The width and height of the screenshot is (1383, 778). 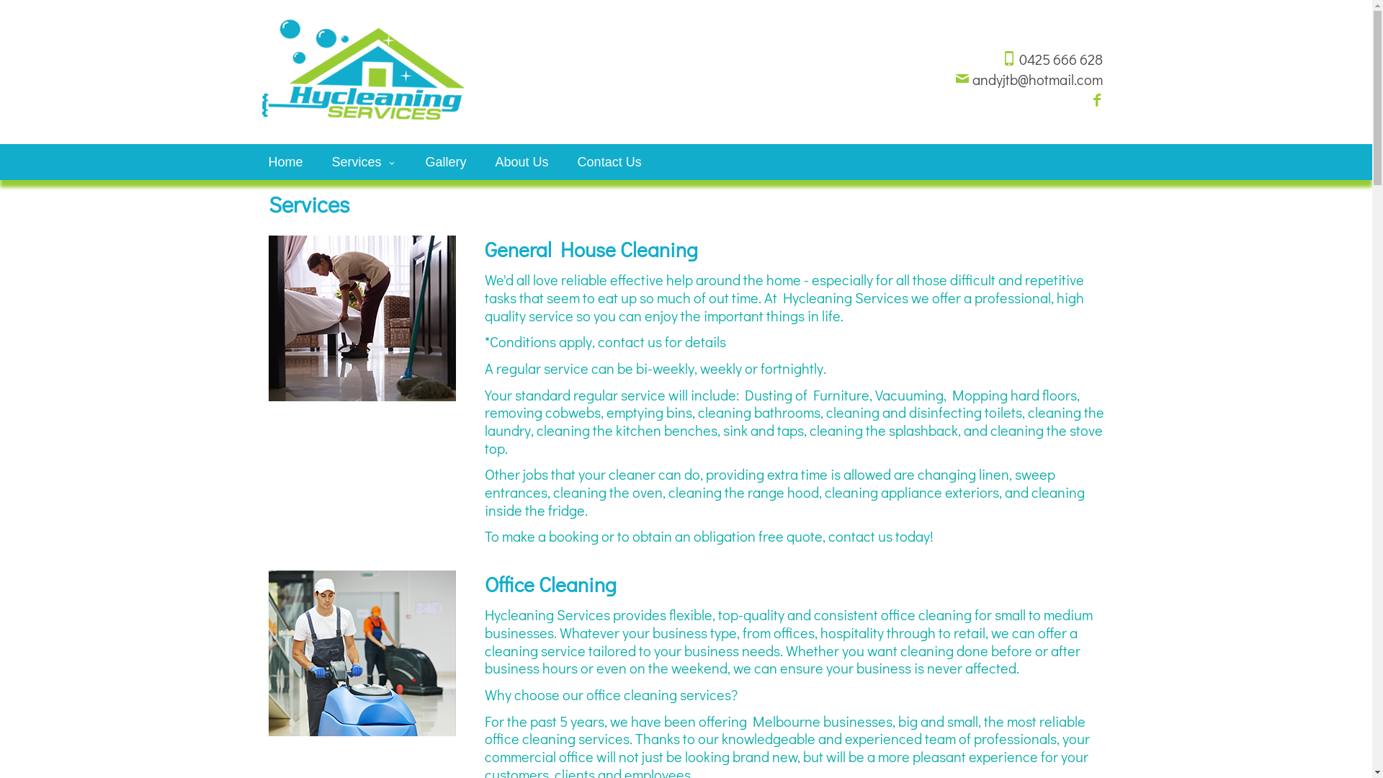 I want to click on '0425 666 628', so click(x=1001, y=58).